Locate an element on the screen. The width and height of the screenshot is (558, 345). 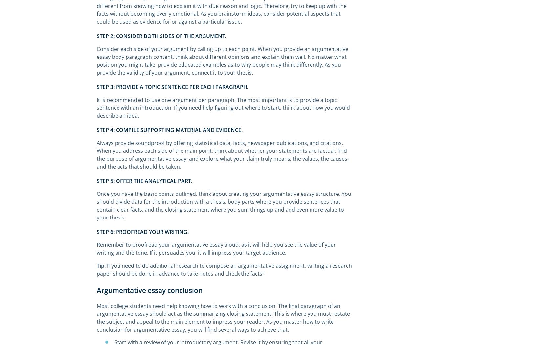
'Always provide soundproof by offering statistical data, facts, newspaper publications, and citations. When you address each side of the main point, think about whether your statements are factual, find the purpose of argumentative essay, and explore what your claim truly means, the values, the causes, and the acts that should be taken.' is located at coordinates (223, 155).